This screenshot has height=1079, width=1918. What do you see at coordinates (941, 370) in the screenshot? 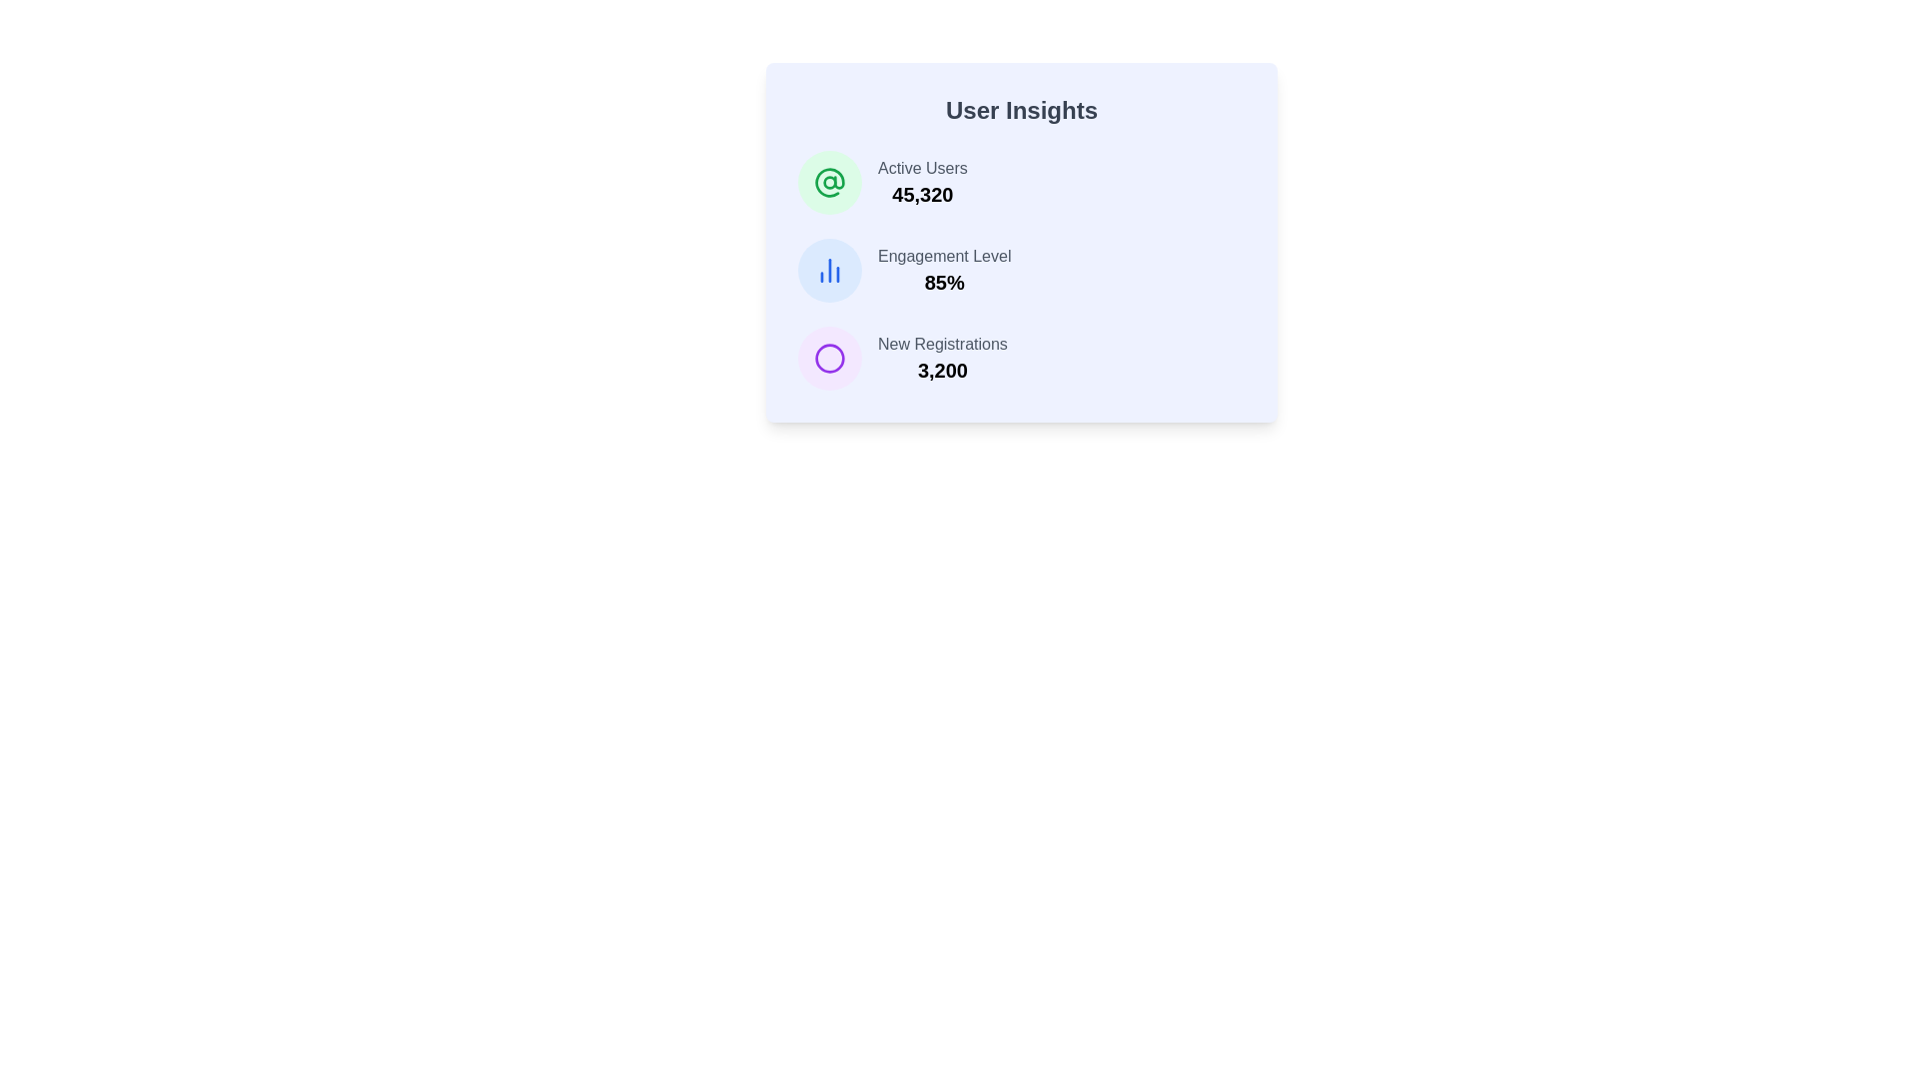
I see `numeric value displayed in the Text Display Value element located in the bottom-right quadrant of the 'User Insights' panel, which shows the count of new registrations` at bounding box center [941, 370].